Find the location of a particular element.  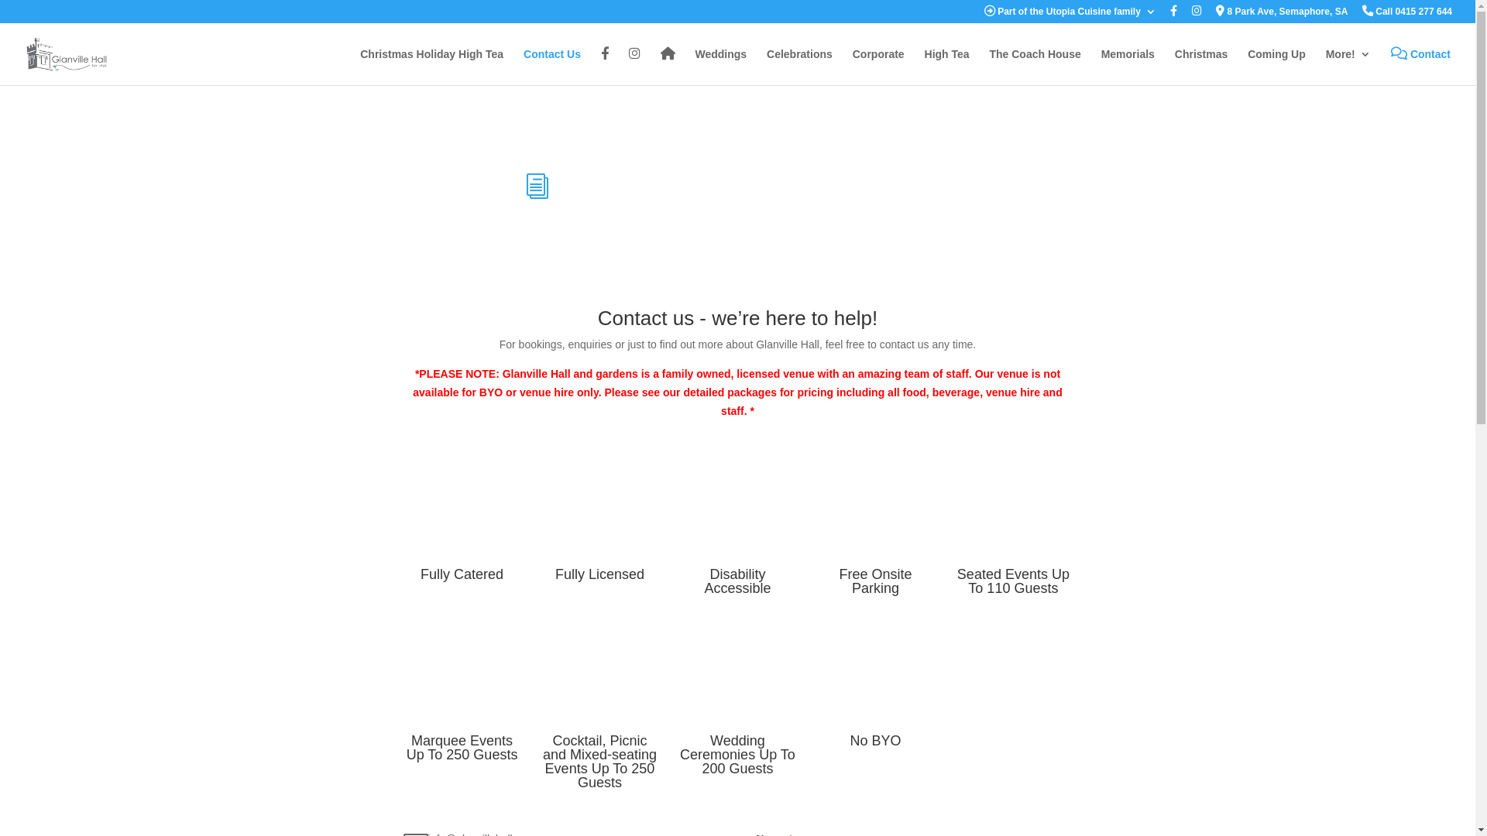

'More!' is located at coordinates (1348, 66).